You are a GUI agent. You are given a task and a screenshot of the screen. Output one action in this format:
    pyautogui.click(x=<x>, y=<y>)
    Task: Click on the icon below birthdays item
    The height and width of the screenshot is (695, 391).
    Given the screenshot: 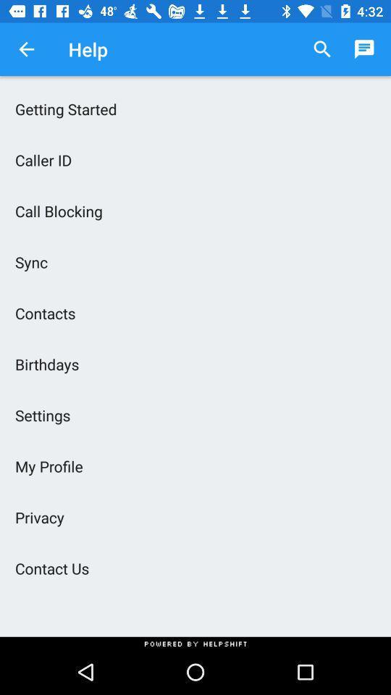 What is the action you would take?
    pyautogui.click(x=195, y=415)
    